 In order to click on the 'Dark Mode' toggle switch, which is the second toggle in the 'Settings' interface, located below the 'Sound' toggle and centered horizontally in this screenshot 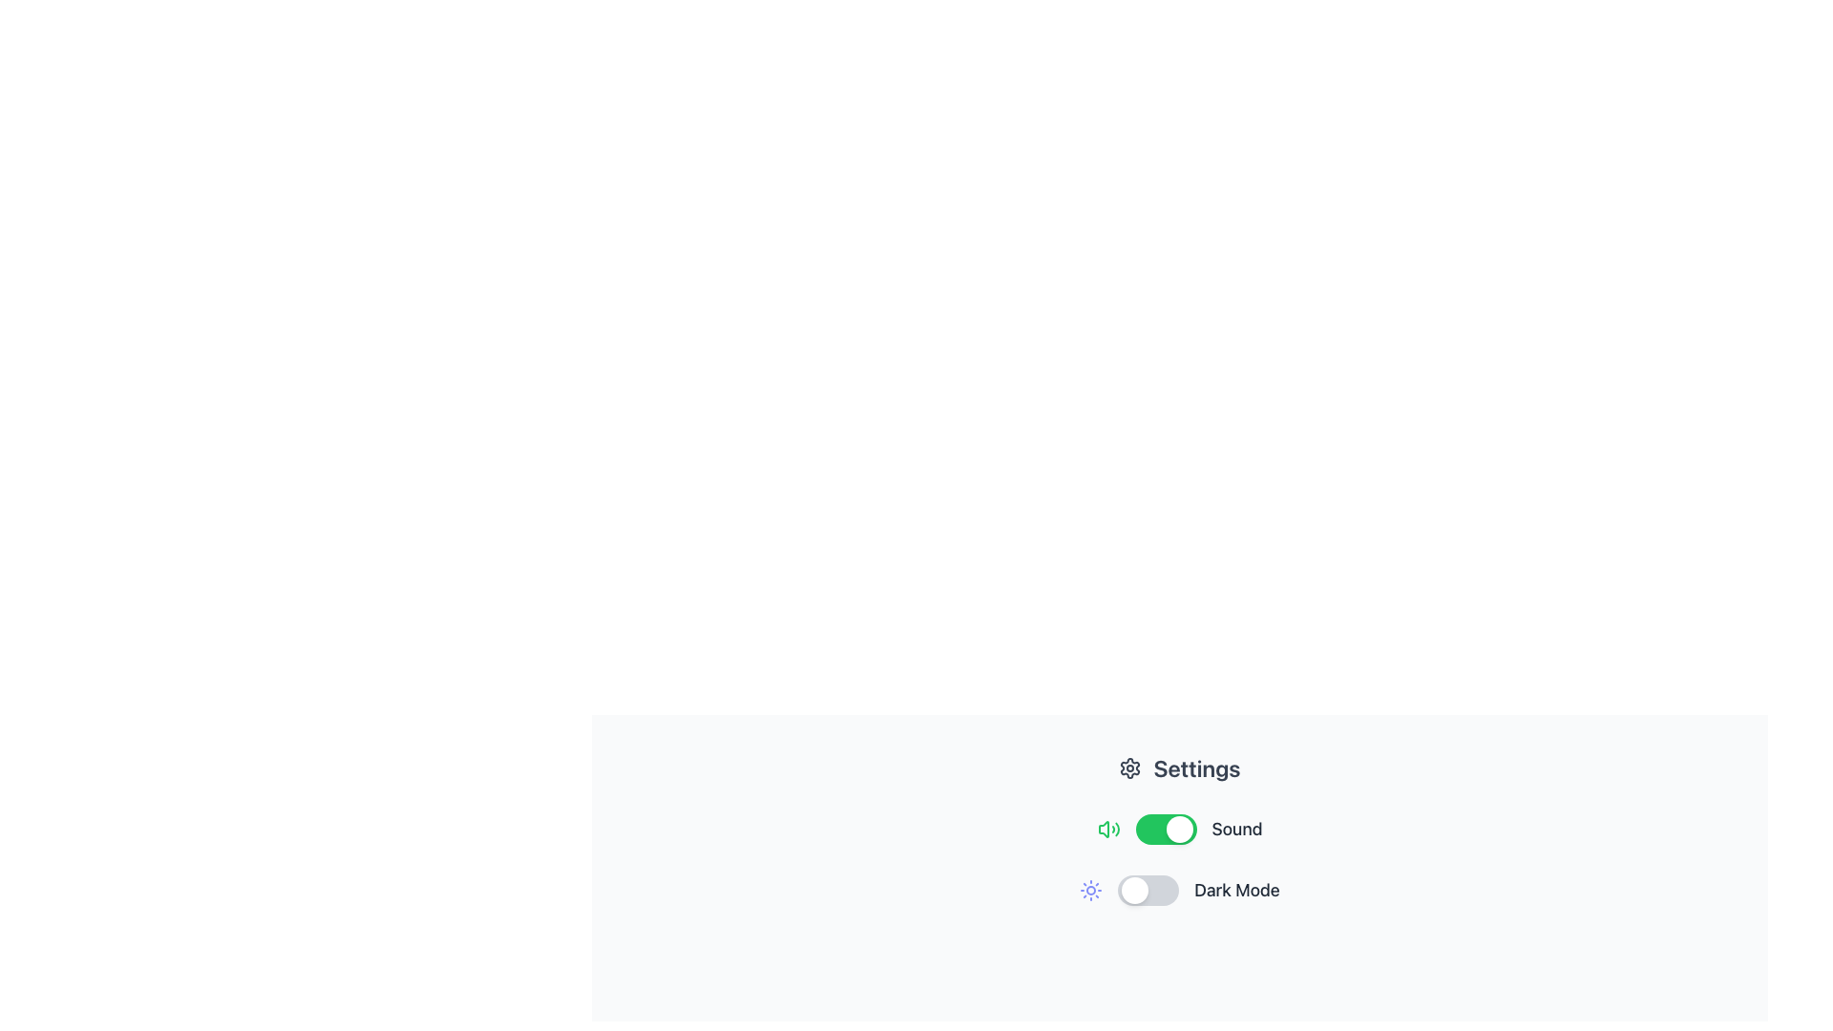, I will do `click(1179, 891)`.